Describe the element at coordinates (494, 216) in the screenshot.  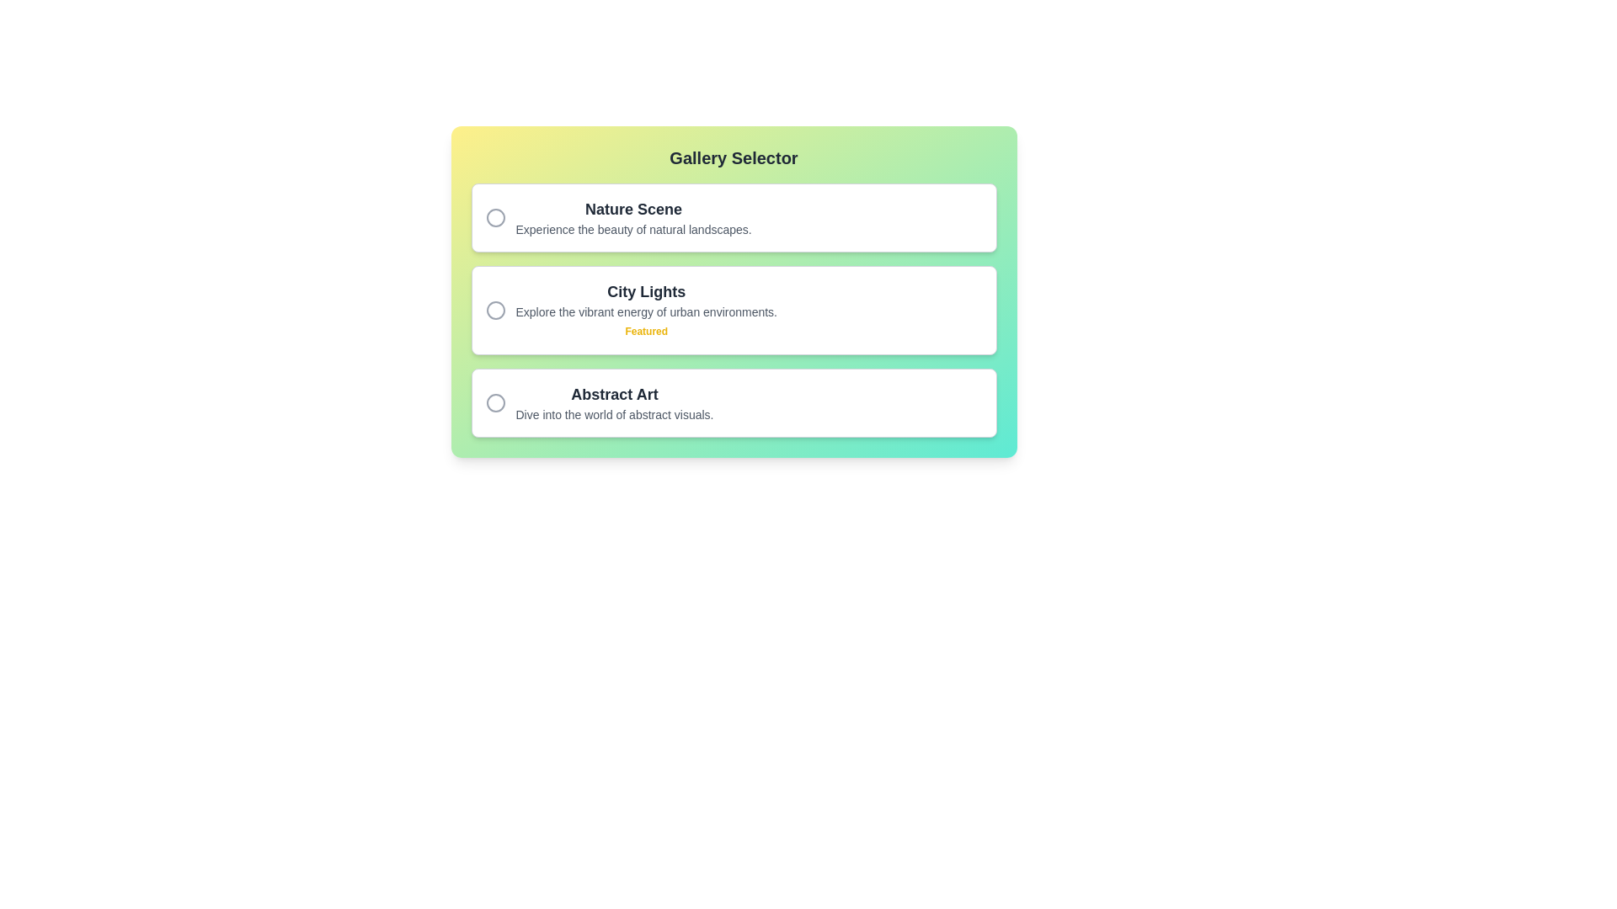
I see `the circular radio button with a gray border located beside the 'Nature Scene' label in the 'Gallery Selector' panel` at that location.